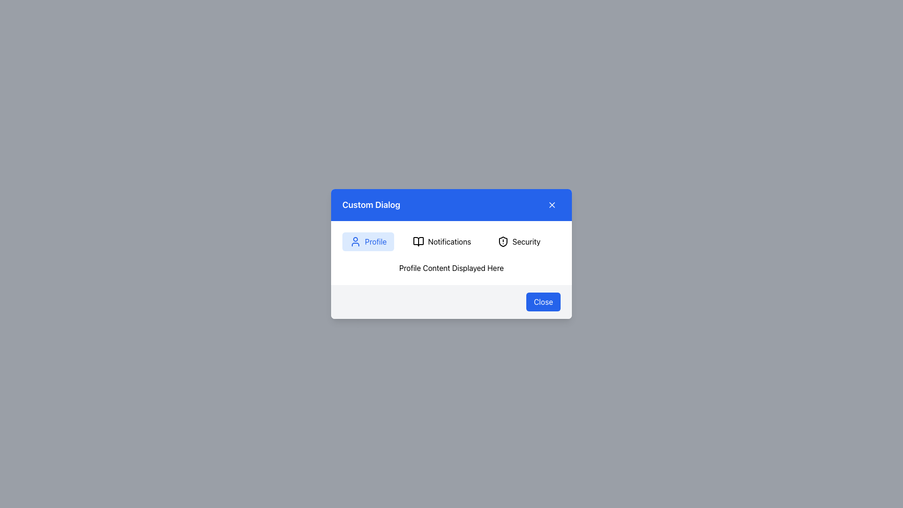 The height and width of the screenshot is (508, 903). I want to click on the shield icon with an alert exclamation mark inside it, located before the 'Security' label in the top navigation of the dialog box, so click(502, 241).